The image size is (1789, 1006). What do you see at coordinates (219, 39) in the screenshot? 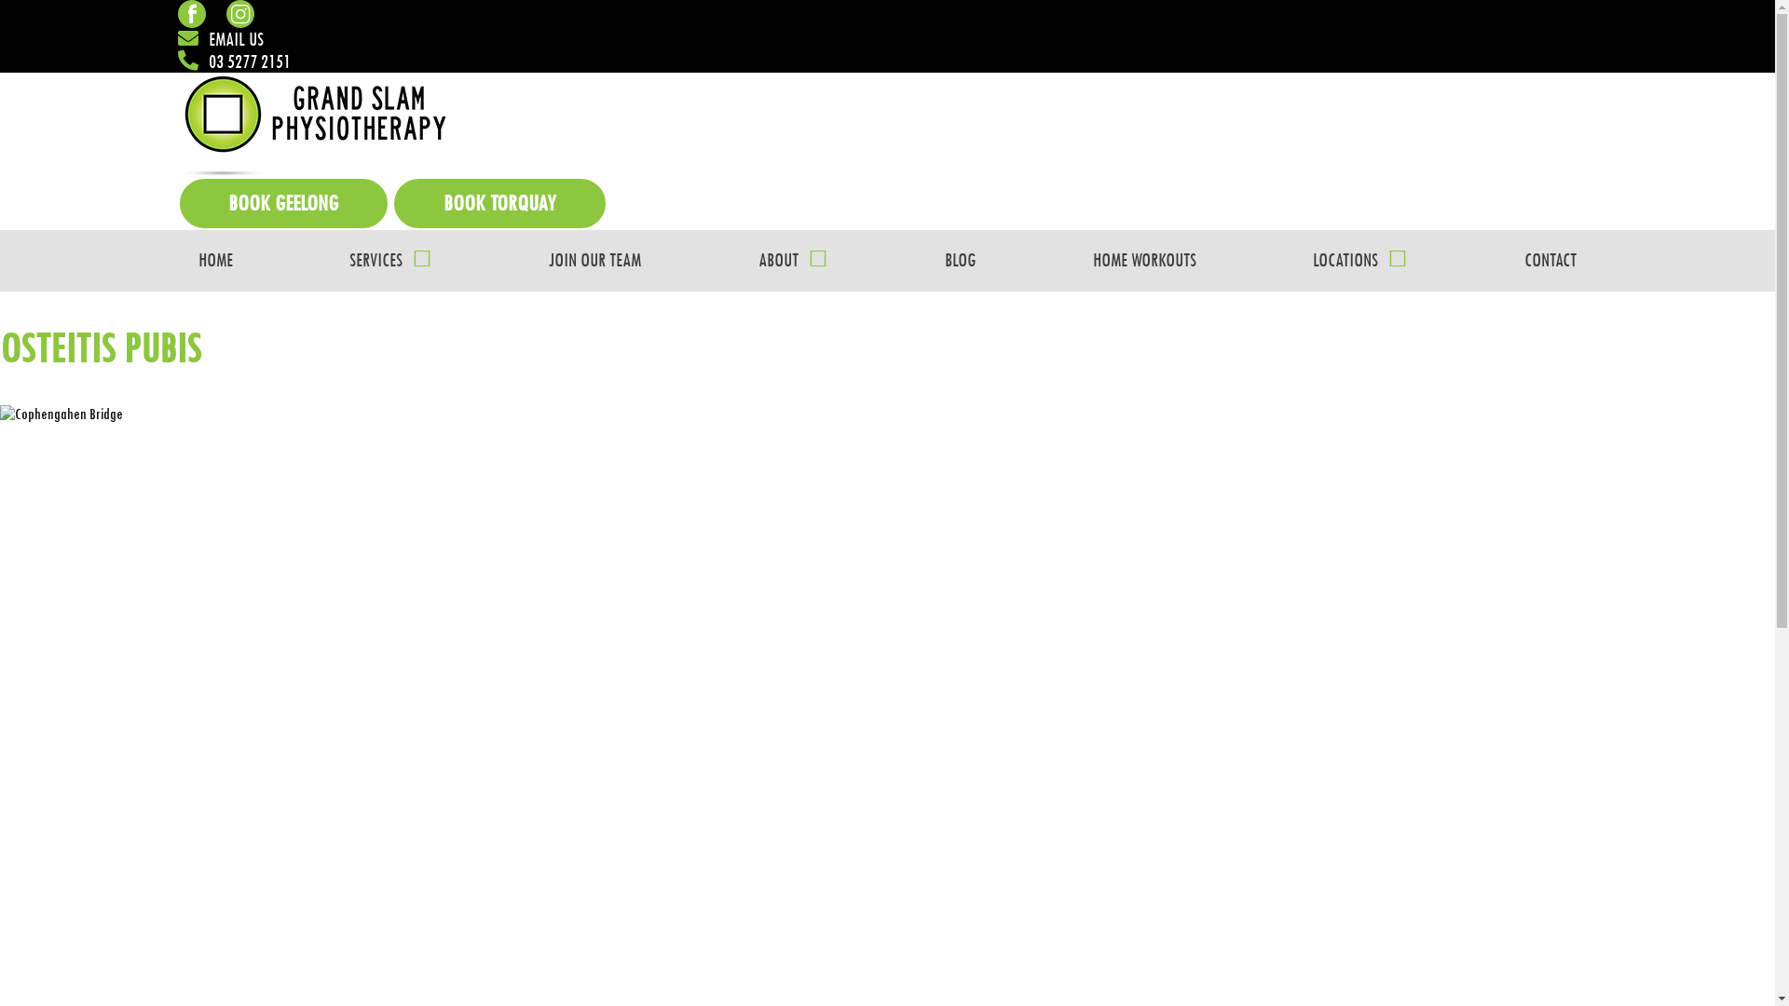
I see `'EMAIL US'` at bounding box center [219, 39].